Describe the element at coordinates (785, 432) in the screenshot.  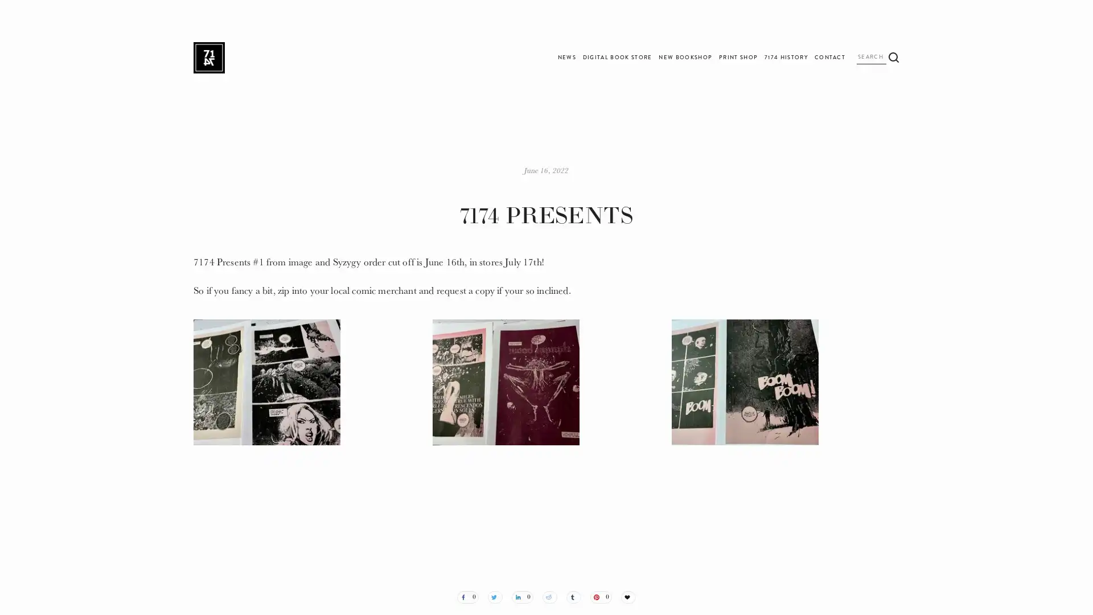
I see `View fullsize IMG_3079.JPG` at that location.